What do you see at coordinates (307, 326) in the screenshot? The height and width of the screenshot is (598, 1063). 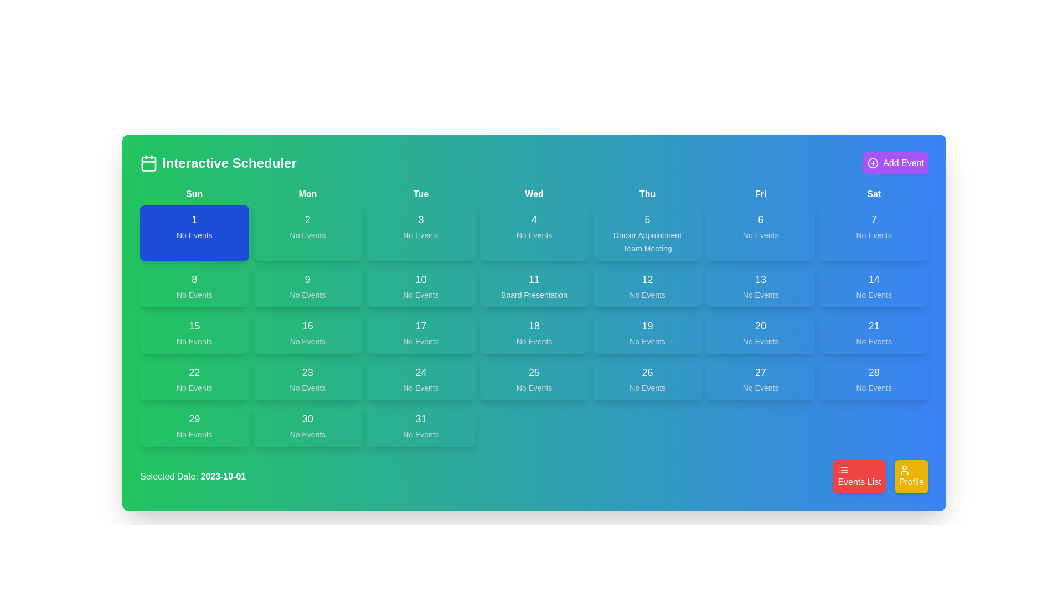 I see `the text displayed on the text label showing the number '16' in the interactive scheduler interface, which is styled with a central alignment and bold text against a green background` at bounding box center [307, 326].